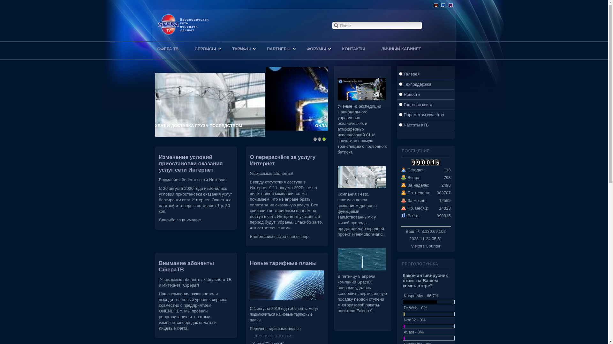  Describe the element at coordinates (319, 138) in the screenshot. I see `'2'` at that location.